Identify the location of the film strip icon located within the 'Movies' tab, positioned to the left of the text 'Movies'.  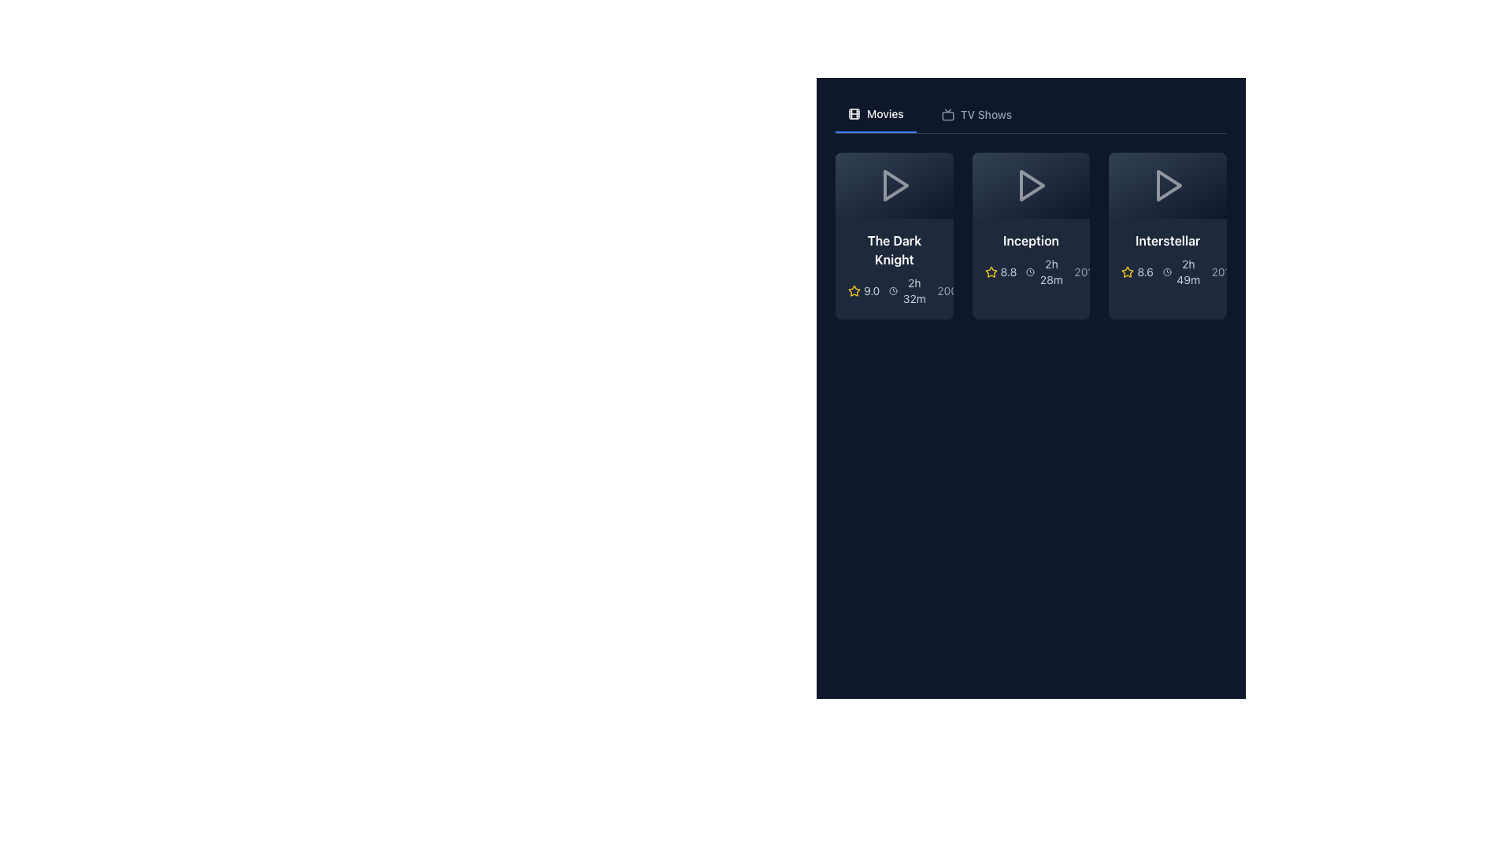
(853, 113).